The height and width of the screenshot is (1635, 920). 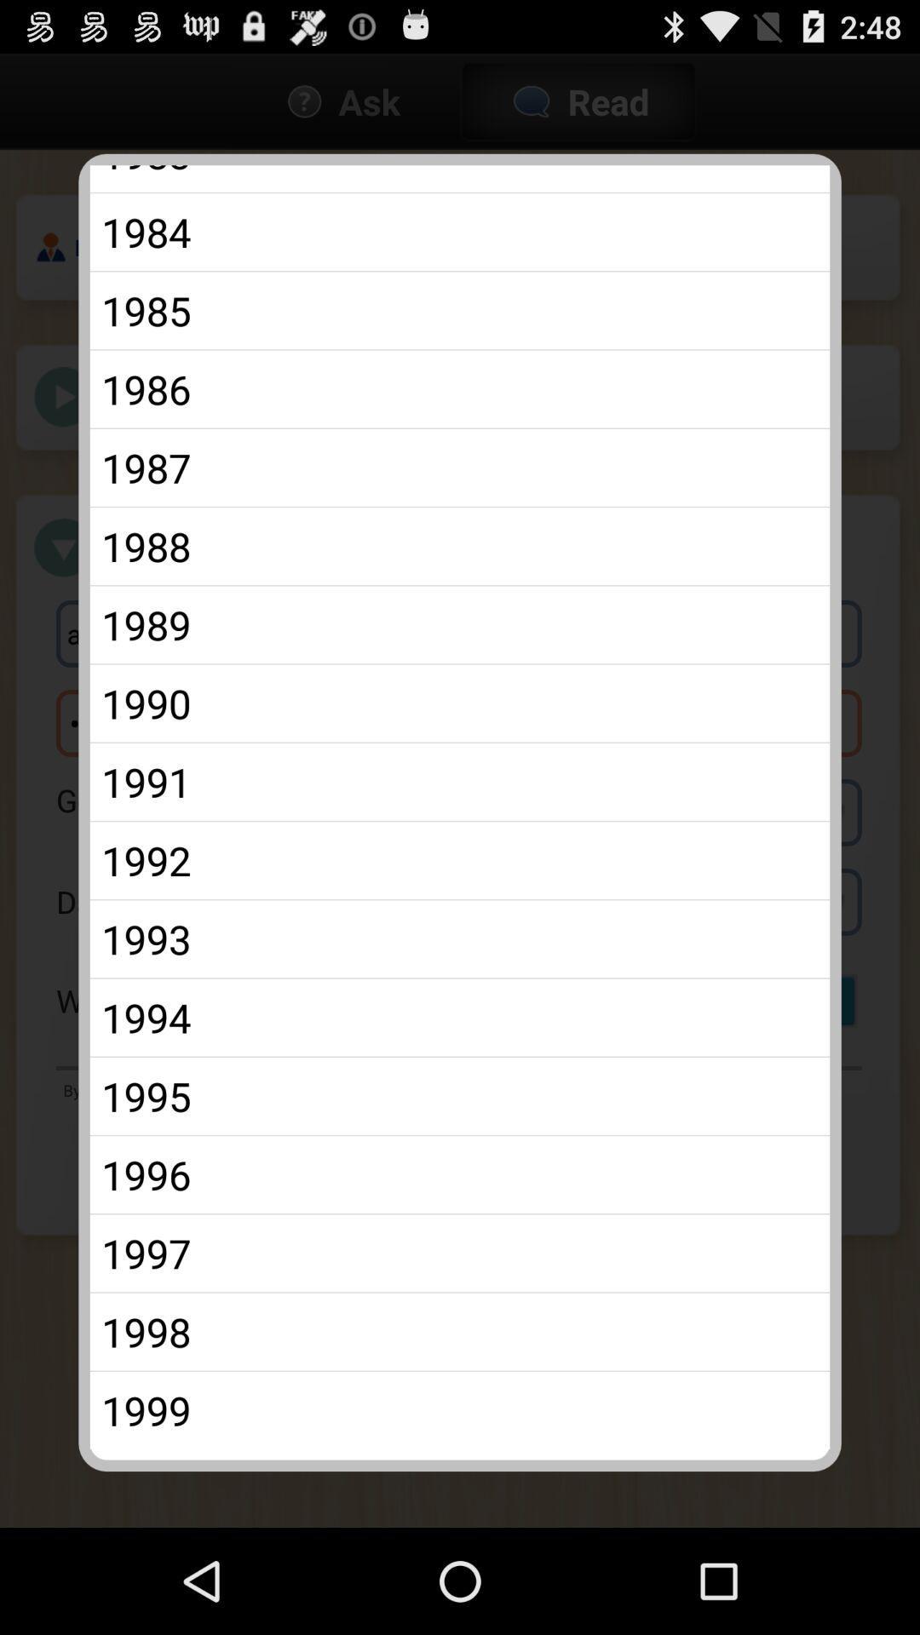 I want to click on 1989, so click(x=460, y=623).